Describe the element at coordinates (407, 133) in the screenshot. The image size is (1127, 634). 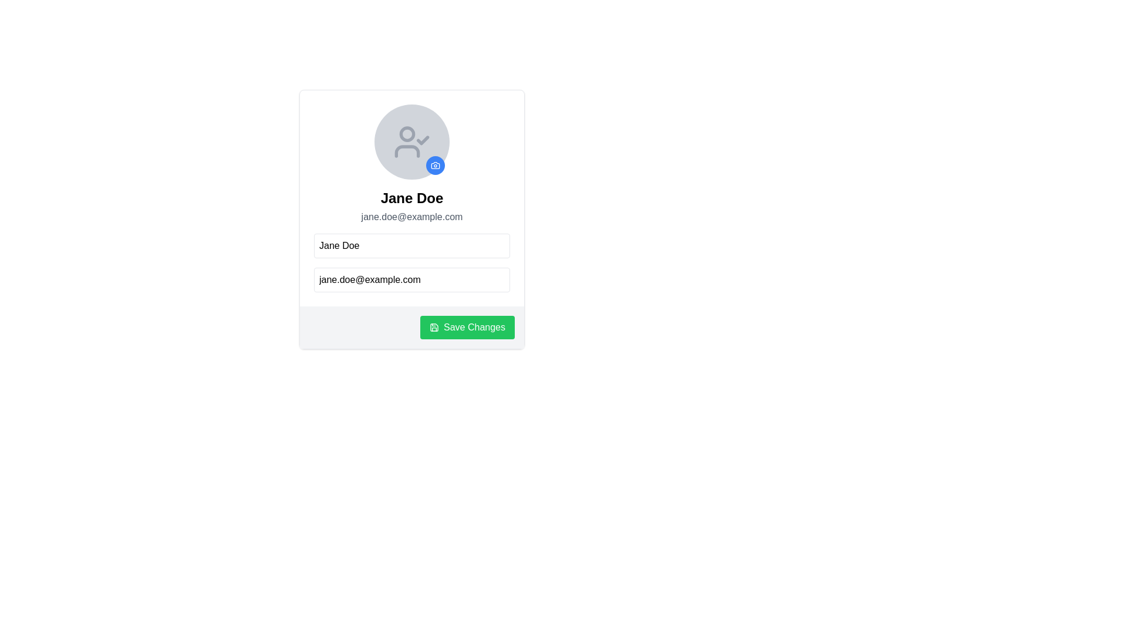
I see `the profile icon element, which is a graphical component representing the user's profile, located centrally at the top of the profile form` at that location.